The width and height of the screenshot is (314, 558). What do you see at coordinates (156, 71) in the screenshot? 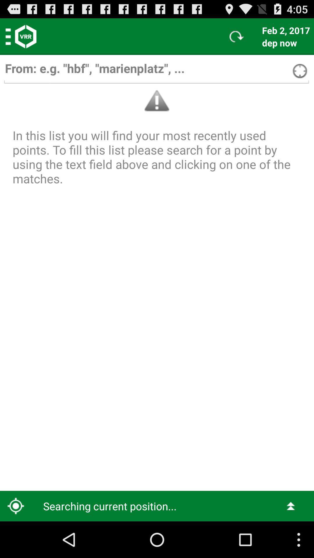
I see `search box` at bounding box center [156, 71].